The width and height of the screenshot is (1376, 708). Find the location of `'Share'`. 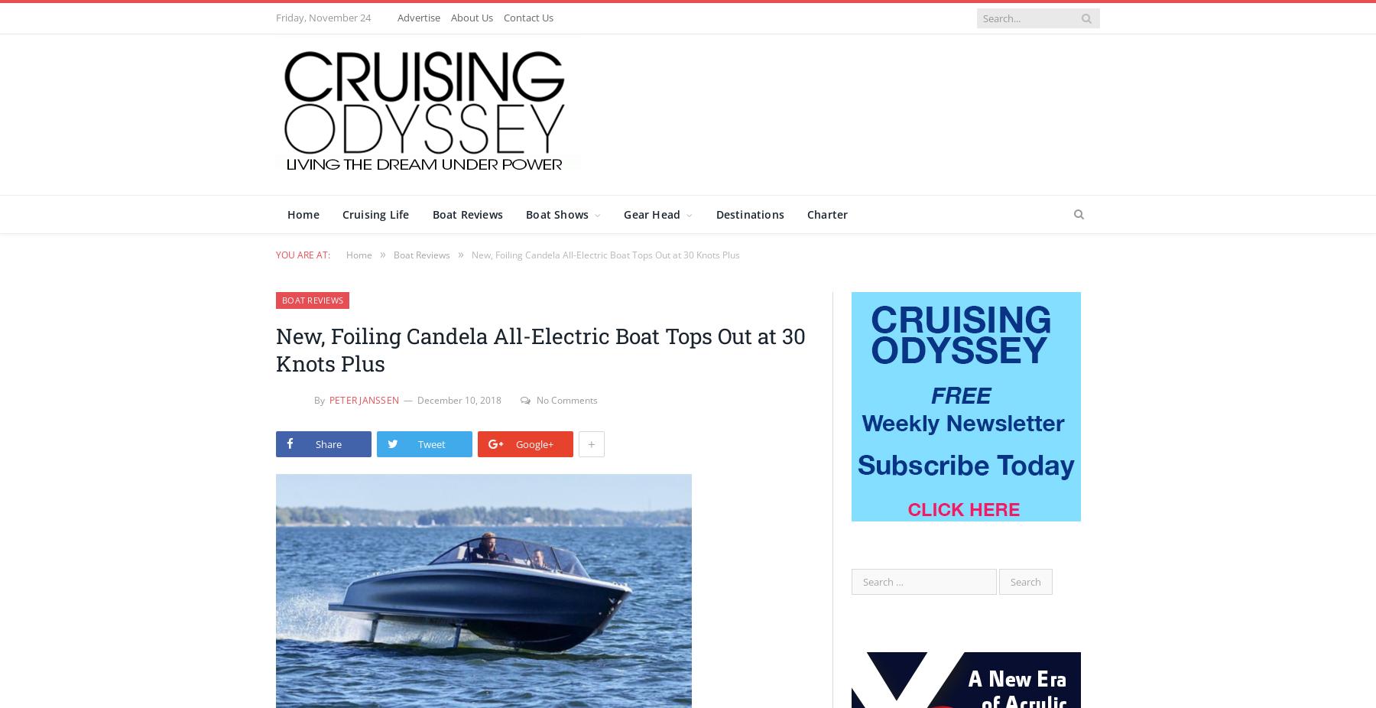

'Share' is located at coordinates (315, 442).